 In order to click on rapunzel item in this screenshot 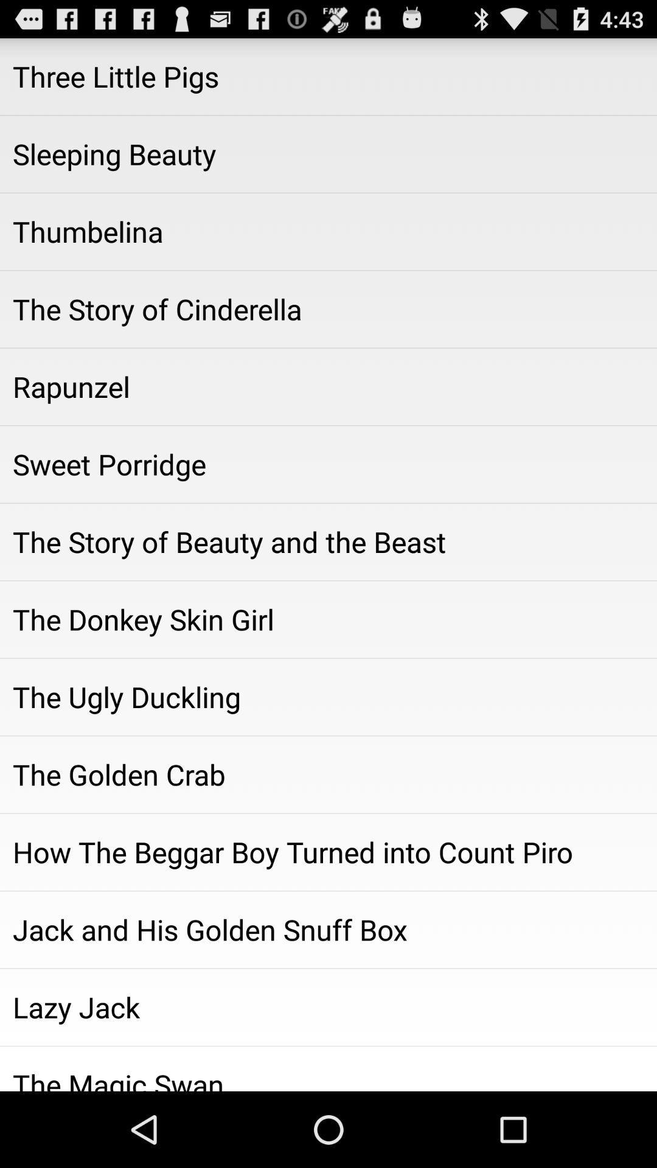, I will do `click(328, 386)`.